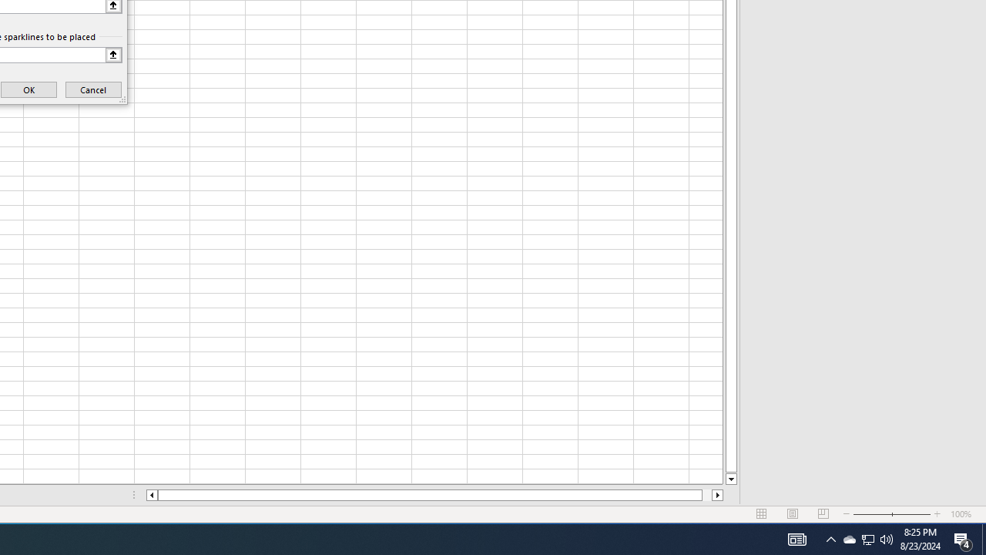  Describe the element at coordinates (872, 514) in the screenshot. I see `'Zoom Out'` at that location.